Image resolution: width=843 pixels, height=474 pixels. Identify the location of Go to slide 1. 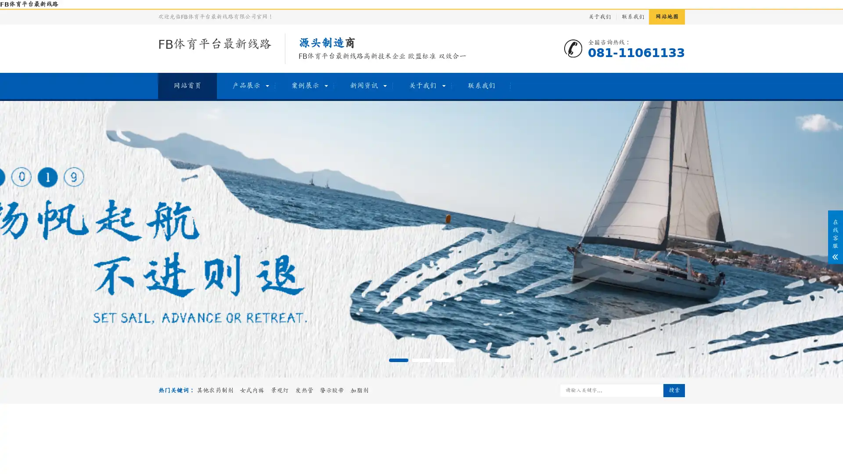
(398, 360).